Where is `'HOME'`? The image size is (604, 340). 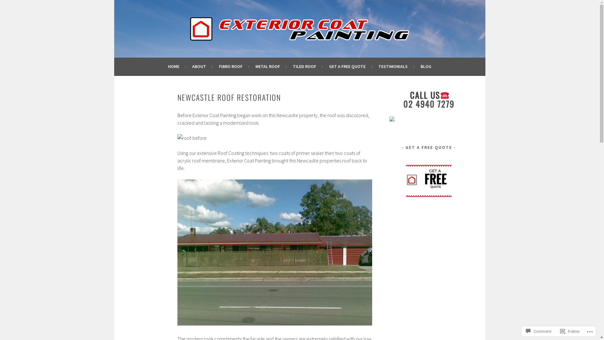
'HOME' is located at coordinates (176, 66).